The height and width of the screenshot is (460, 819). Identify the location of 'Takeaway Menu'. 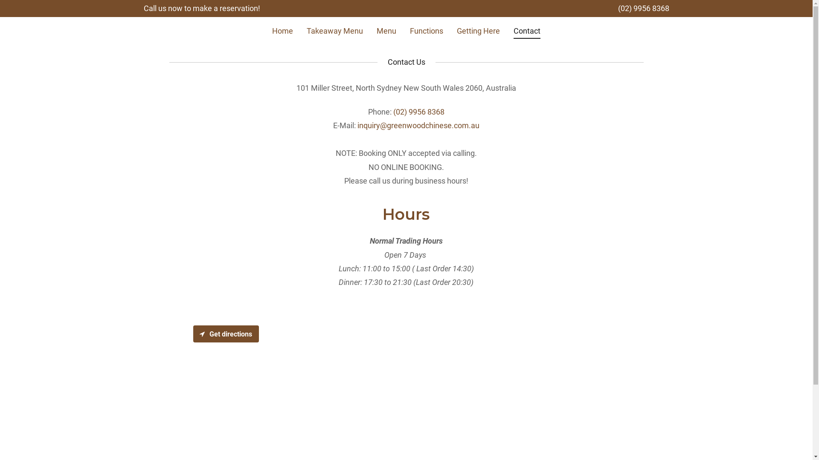
(334, 30).